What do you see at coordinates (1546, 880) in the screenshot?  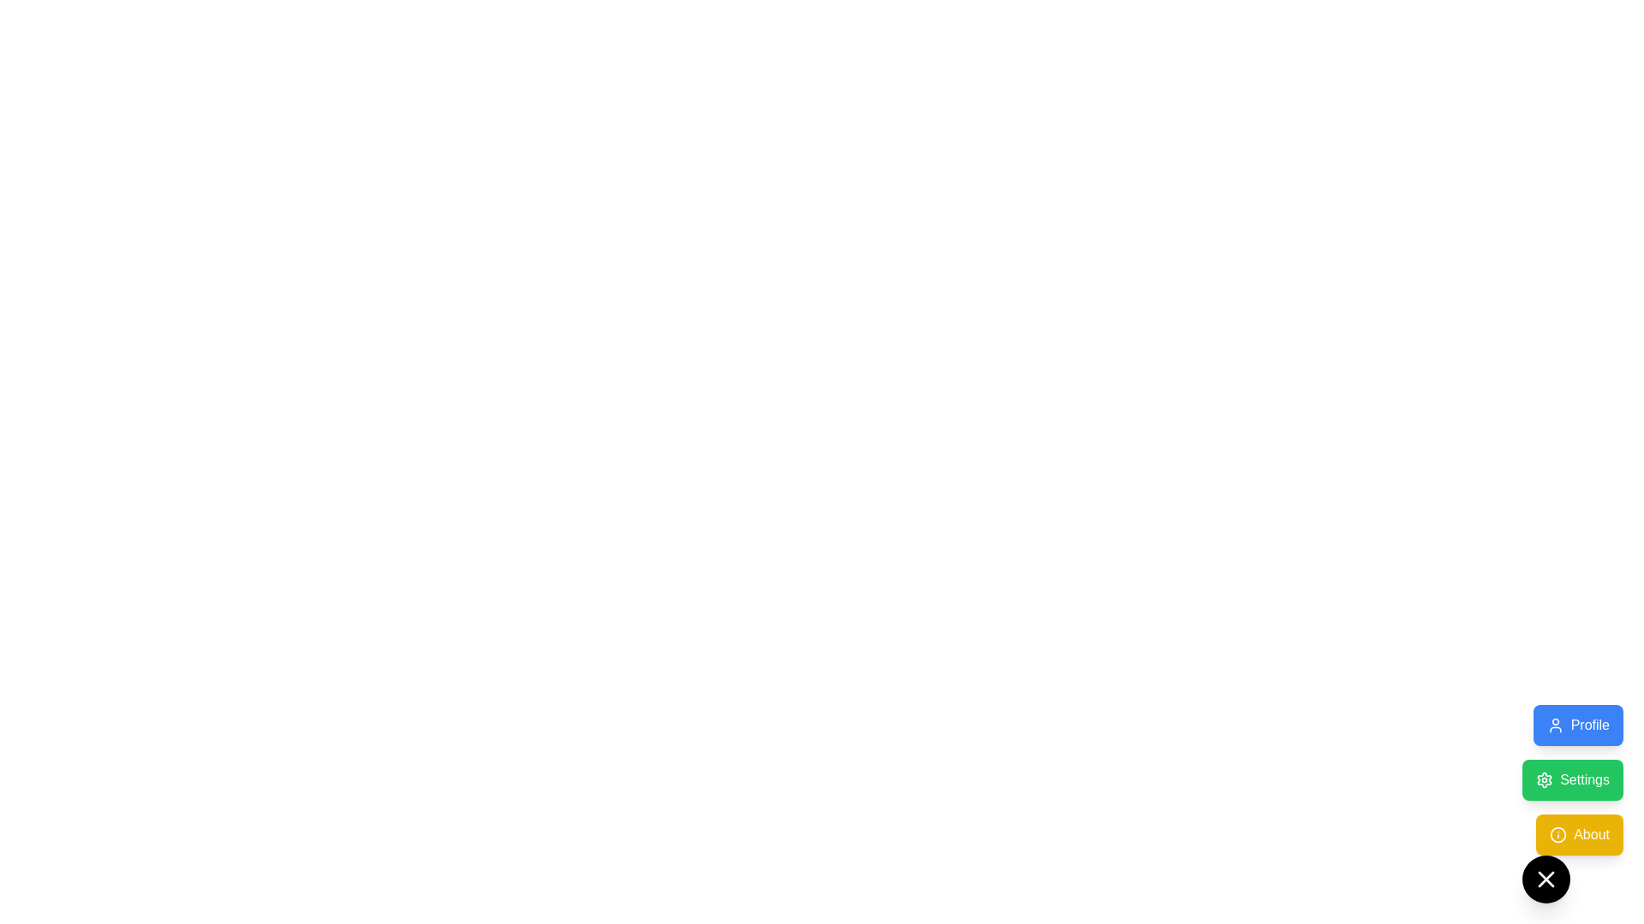 I see `the close or cancel button located at the bottom-right corner of the vertical button stack` at bounding box center [1546, 880].